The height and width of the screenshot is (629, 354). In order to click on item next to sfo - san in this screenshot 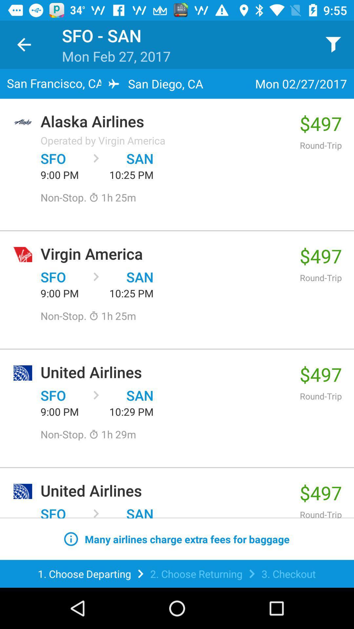, I will do `click(24, 44)`.